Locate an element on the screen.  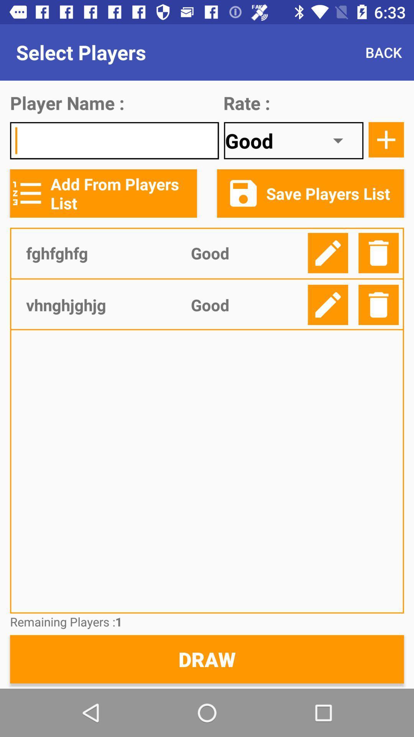
pencil box is located at coordinates (328, 253).